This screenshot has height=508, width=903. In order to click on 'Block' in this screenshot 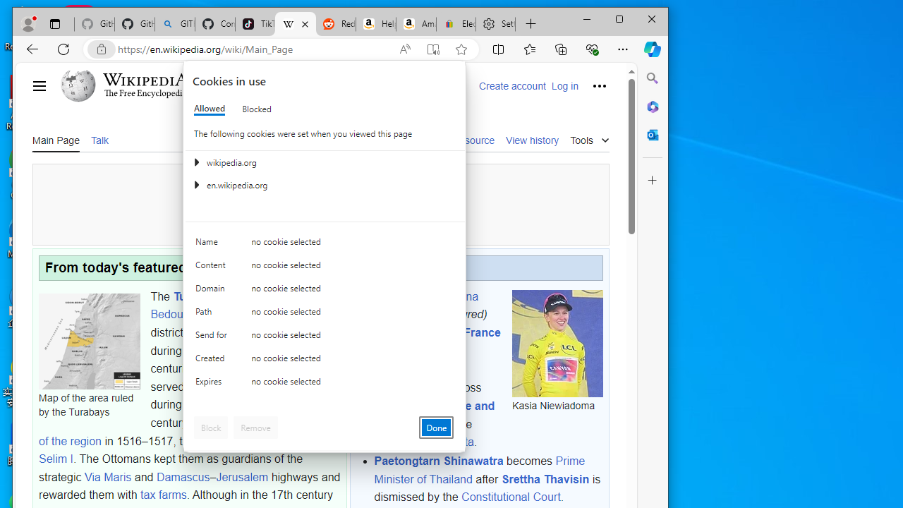, I will do `click(210, 426)`.